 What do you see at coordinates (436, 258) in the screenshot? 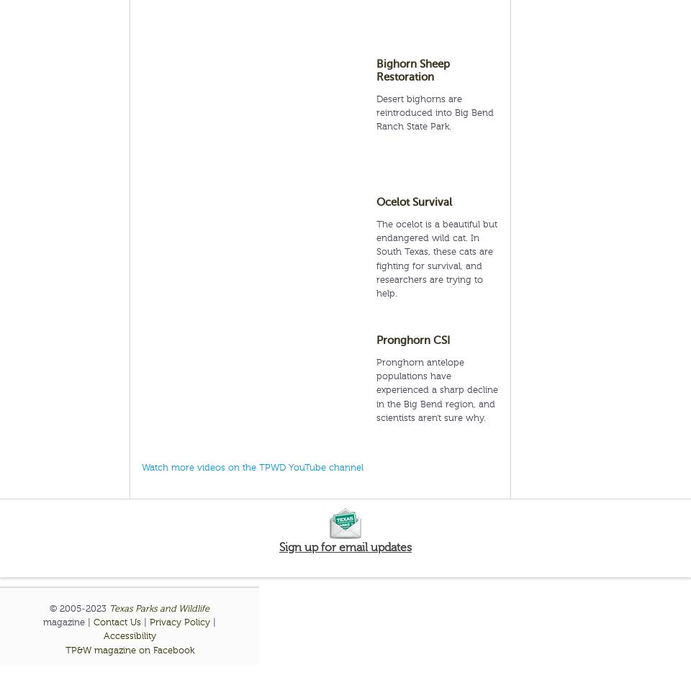
I see `'The ocelot is a beautiful but endangered wild cat. In South Texas, these cats are fighting for survival, and researchers are trying to help.'` at bounding box center [436, 258].